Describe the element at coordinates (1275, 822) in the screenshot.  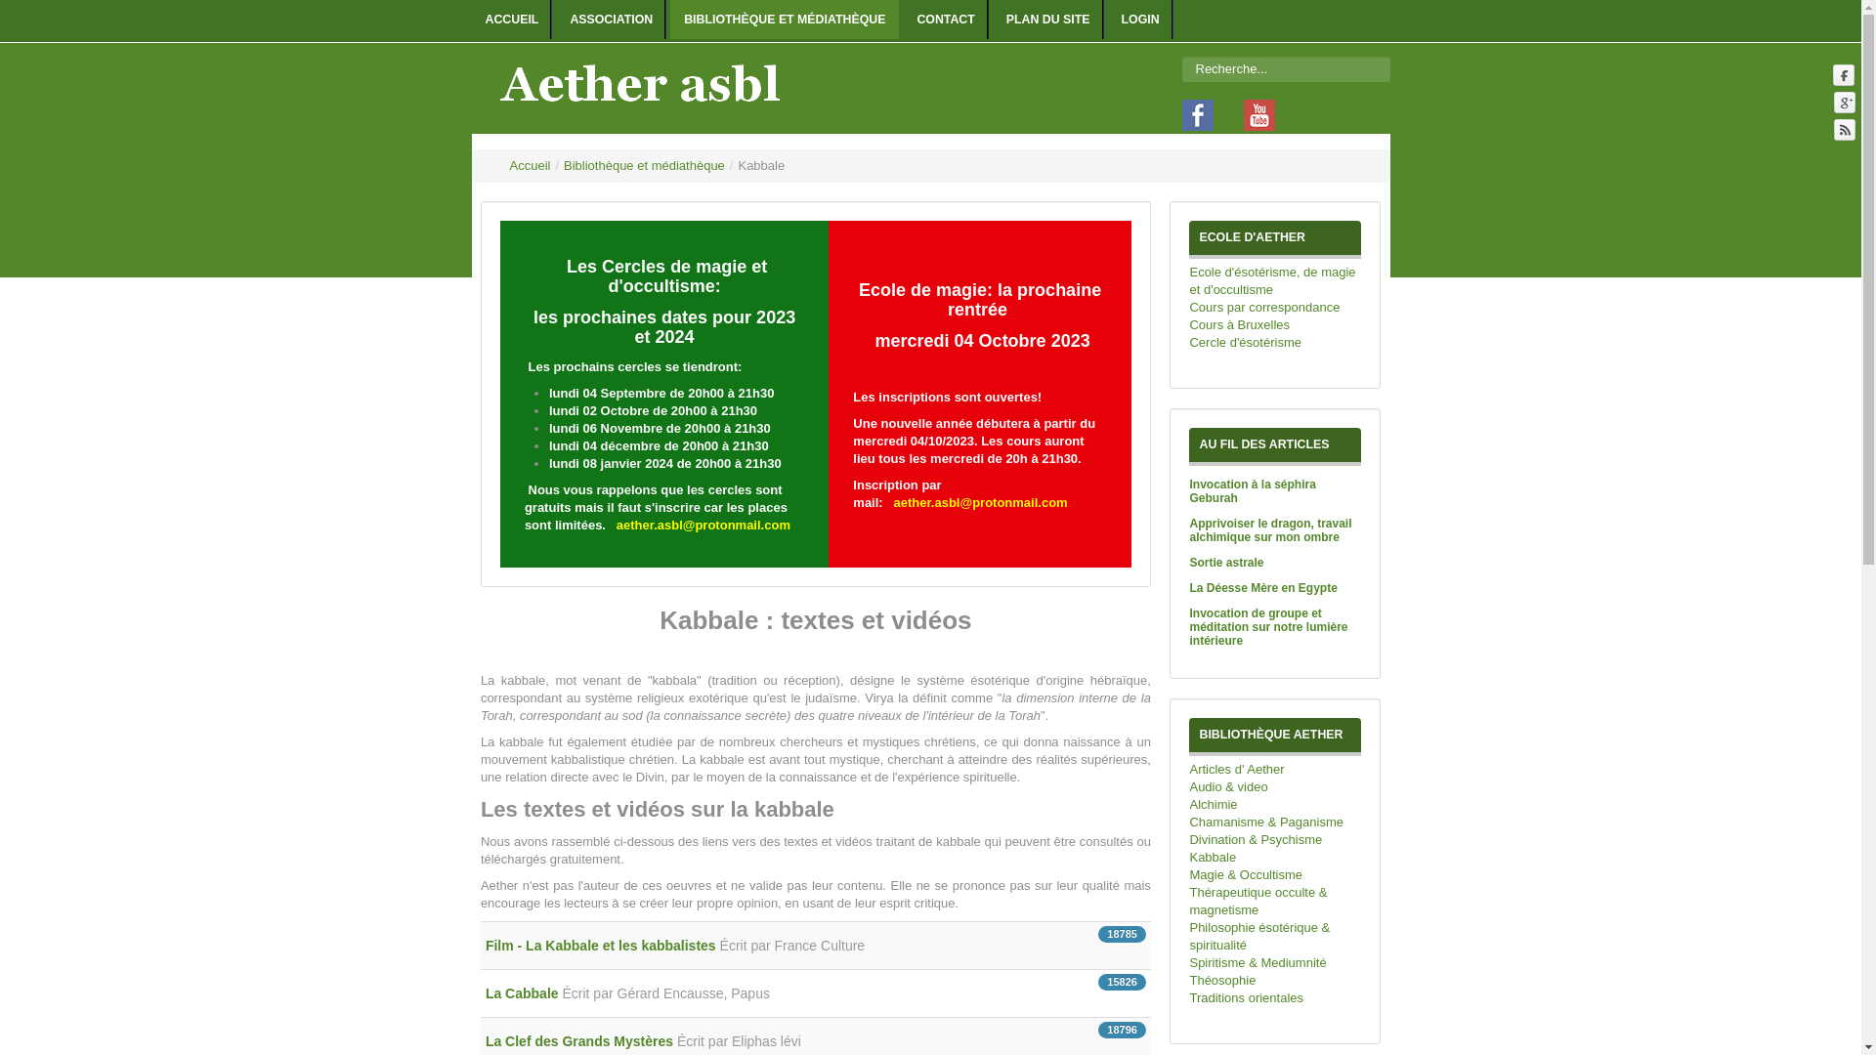
I see `'Chamanisme & Paganisme'` at that location.